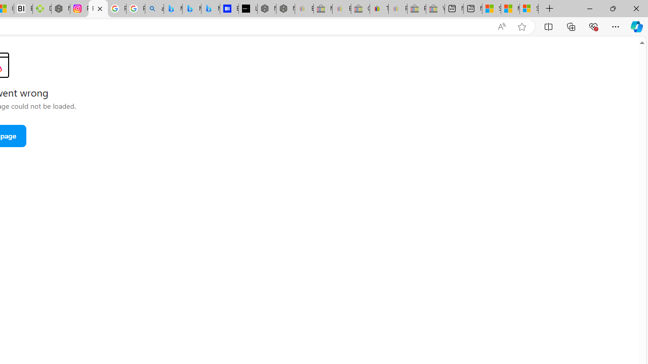 The height and width of the screenshot is (364, 648). Describe the element at coordinates (173, 9) in the screenshot. I see `'Microsoft Bing Travel - Flights from Hong Kong to Bangkok'` at that location.